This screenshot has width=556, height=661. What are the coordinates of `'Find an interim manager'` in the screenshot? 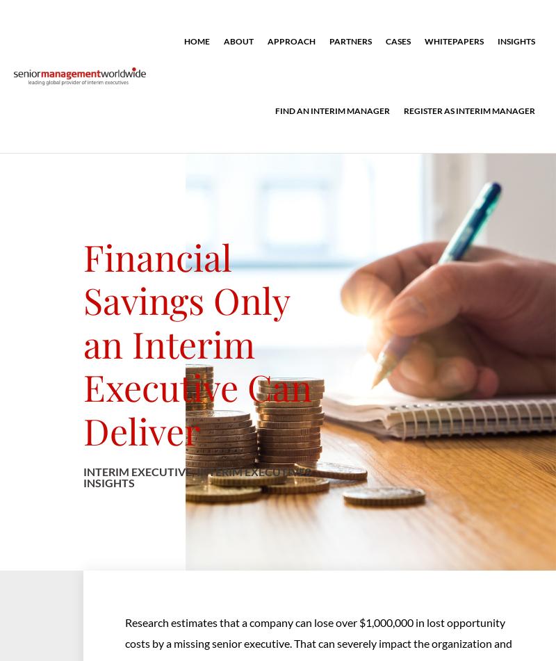 It's located at (332, 111).